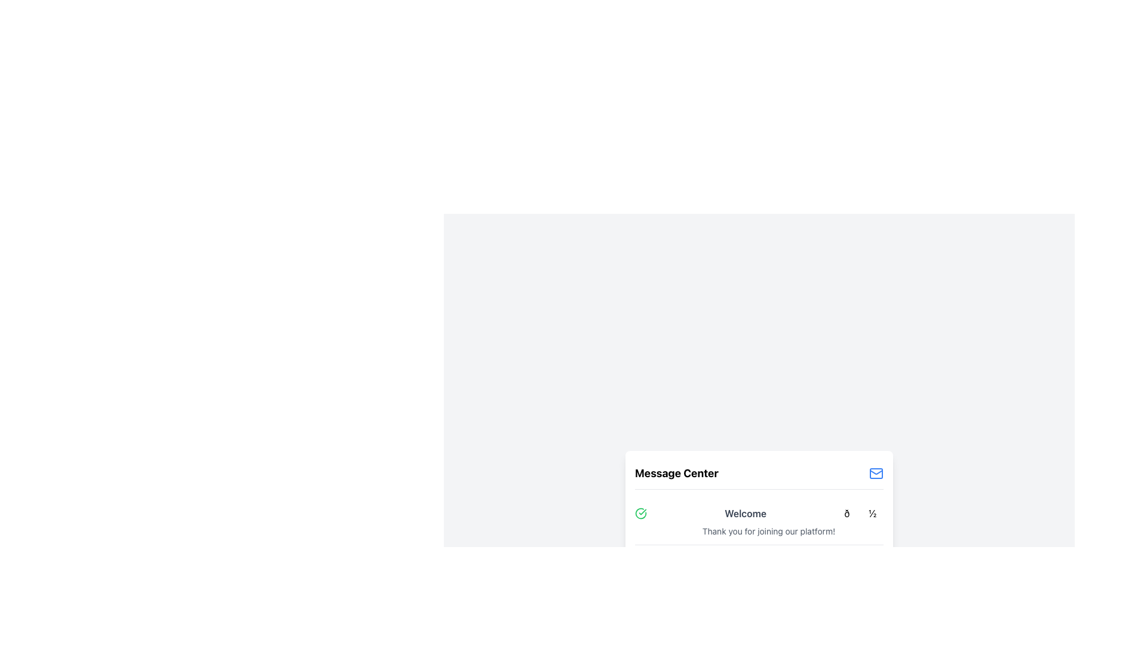  What do you see at coordinates (676, 473) in the screenshot?
I see `the non-interactive Text Label indicating 'Message Center', which serves as a header for the associated section` at bounding box center [676, 473].